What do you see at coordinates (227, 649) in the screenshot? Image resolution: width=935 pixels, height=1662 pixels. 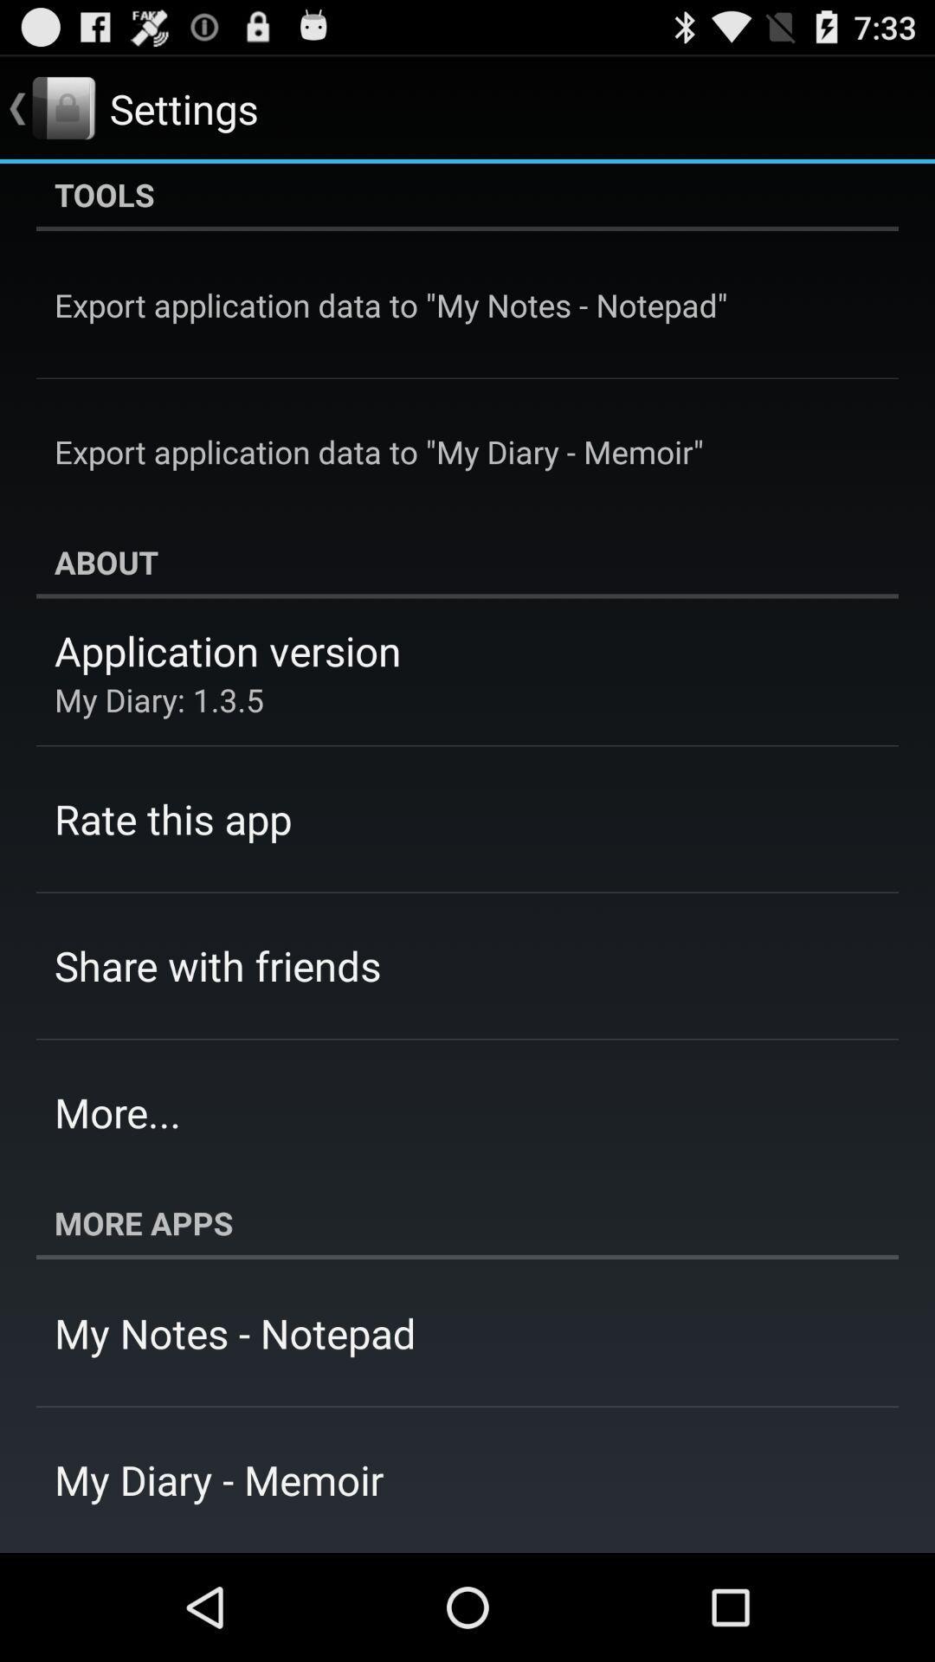 I see `the application version icon` at bounding box center [227, 649].